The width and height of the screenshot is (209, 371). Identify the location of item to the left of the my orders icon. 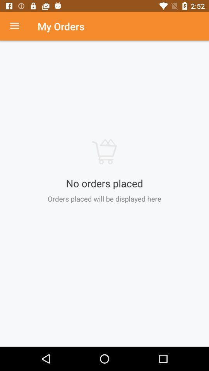
(19, 26).